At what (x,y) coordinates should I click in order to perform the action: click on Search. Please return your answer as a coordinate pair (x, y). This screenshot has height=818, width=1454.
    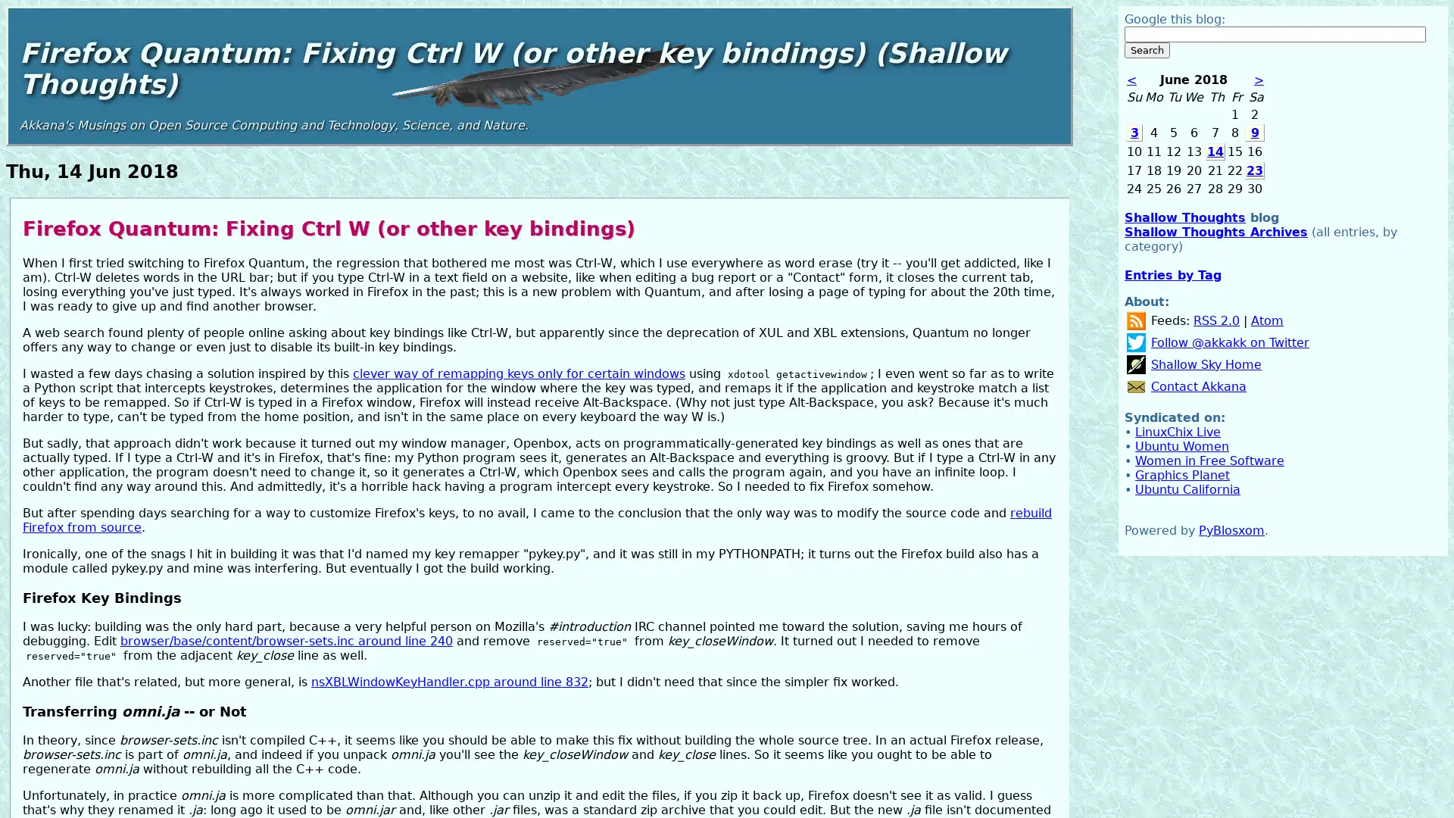
    Looking at the image, I should click on (1147, 49).